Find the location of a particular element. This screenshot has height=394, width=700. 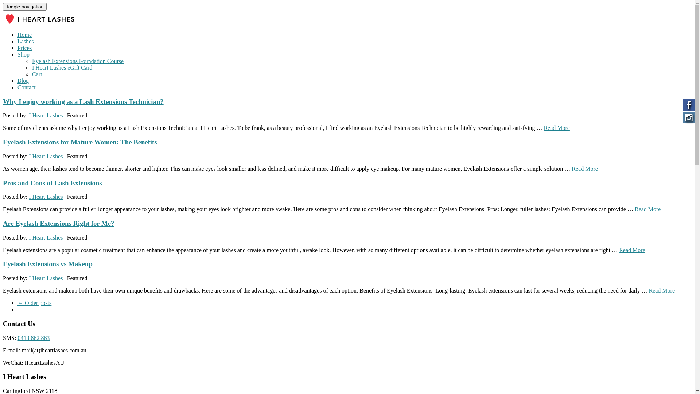

'Eyelash Extensions Foundation Course' is located at coordinates (78, 61).